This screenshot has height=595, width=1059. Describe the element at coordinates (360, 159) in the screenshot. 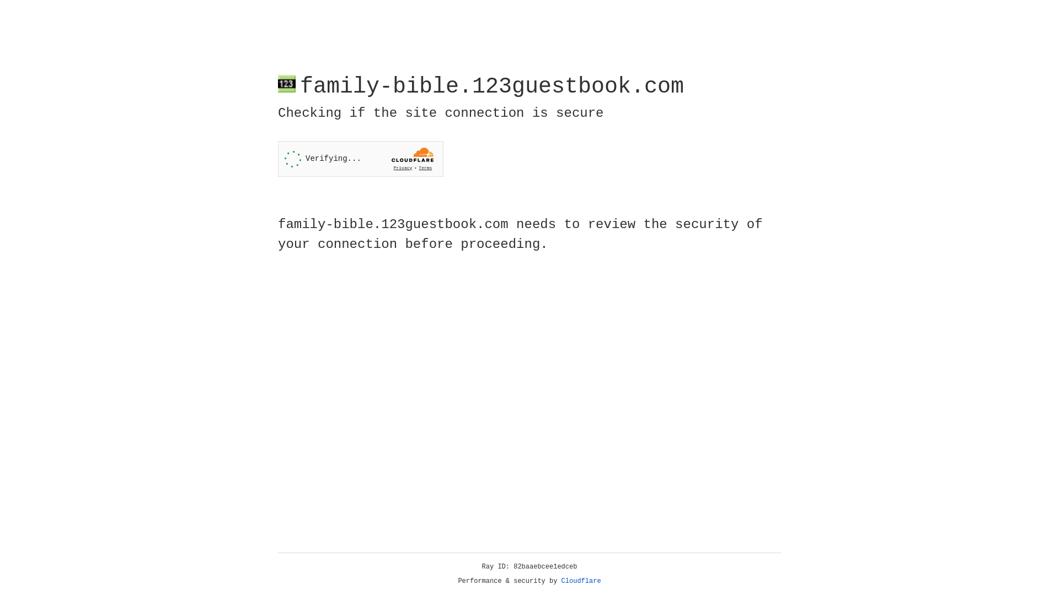

I see `'Widget containing a Cloudflare security challenge'` at that location.